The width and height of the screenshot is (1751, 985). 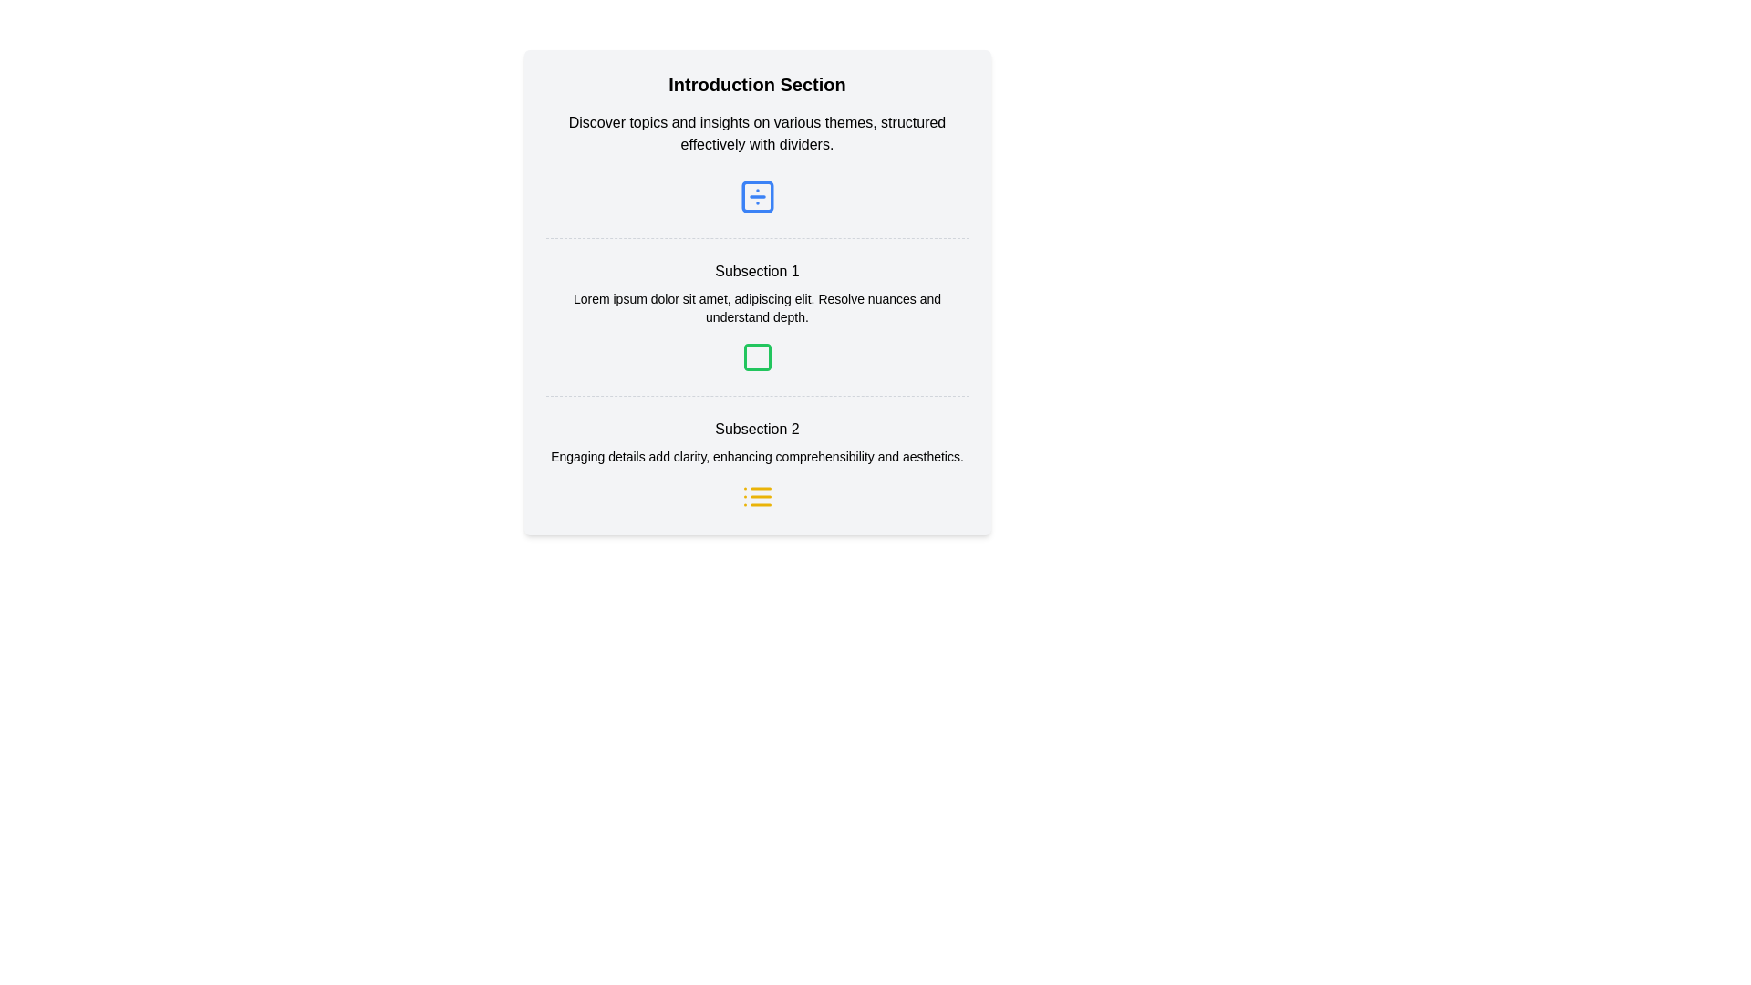 What do you see at coordinates (757, 197) in the screenshot?
I see `the visual representation of the division sign icon located at the center of the first section under the 'Introduction Section' heading` at bounding box center [757, 197].